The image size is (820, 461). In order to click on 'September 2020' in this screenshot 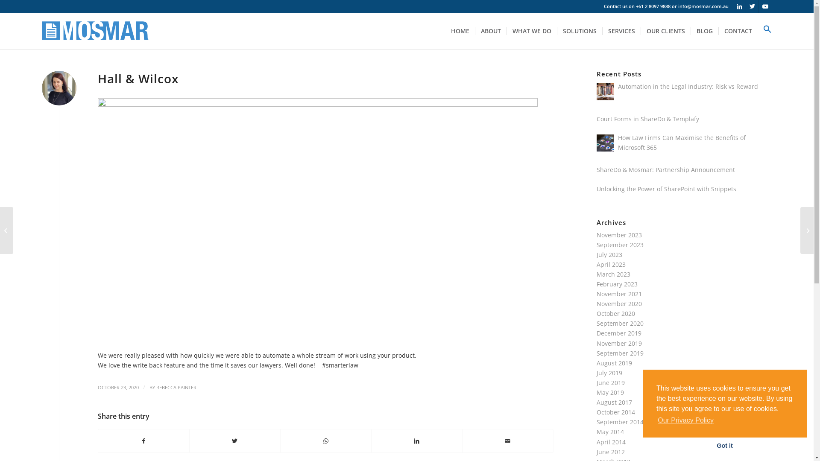, I will do `click(596, 323)`.